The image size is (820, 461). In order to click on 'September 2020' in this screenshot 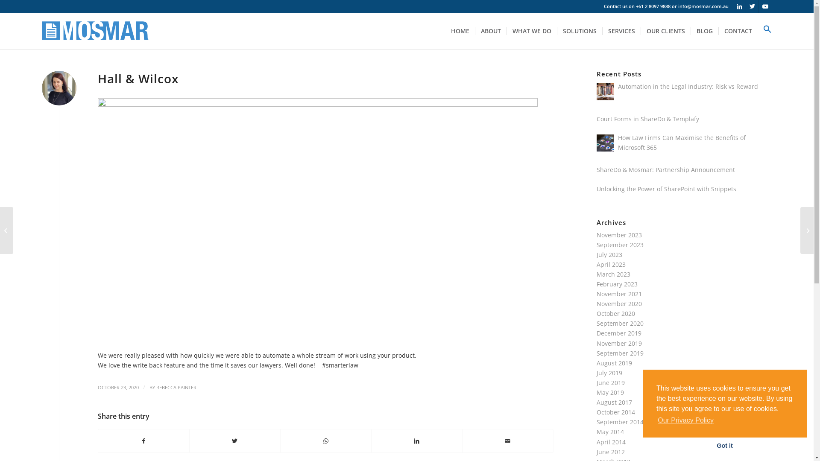, I will do `click(596, 323)`.